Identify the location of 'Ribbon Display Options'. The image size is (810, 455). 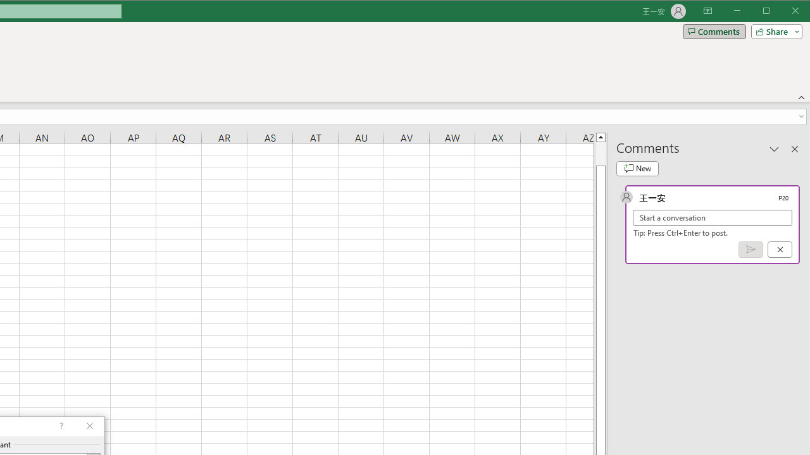
(707, 11).